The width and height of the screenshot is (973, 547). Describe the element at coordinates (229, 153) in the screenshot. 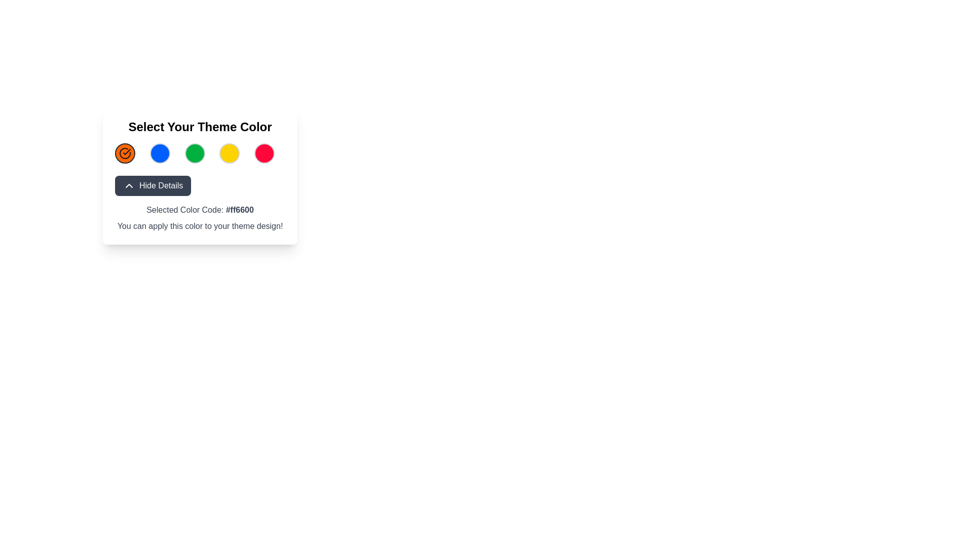

I see `the yellow circular color selection button with a gray border located at the fourth position in the middle row` at that location.